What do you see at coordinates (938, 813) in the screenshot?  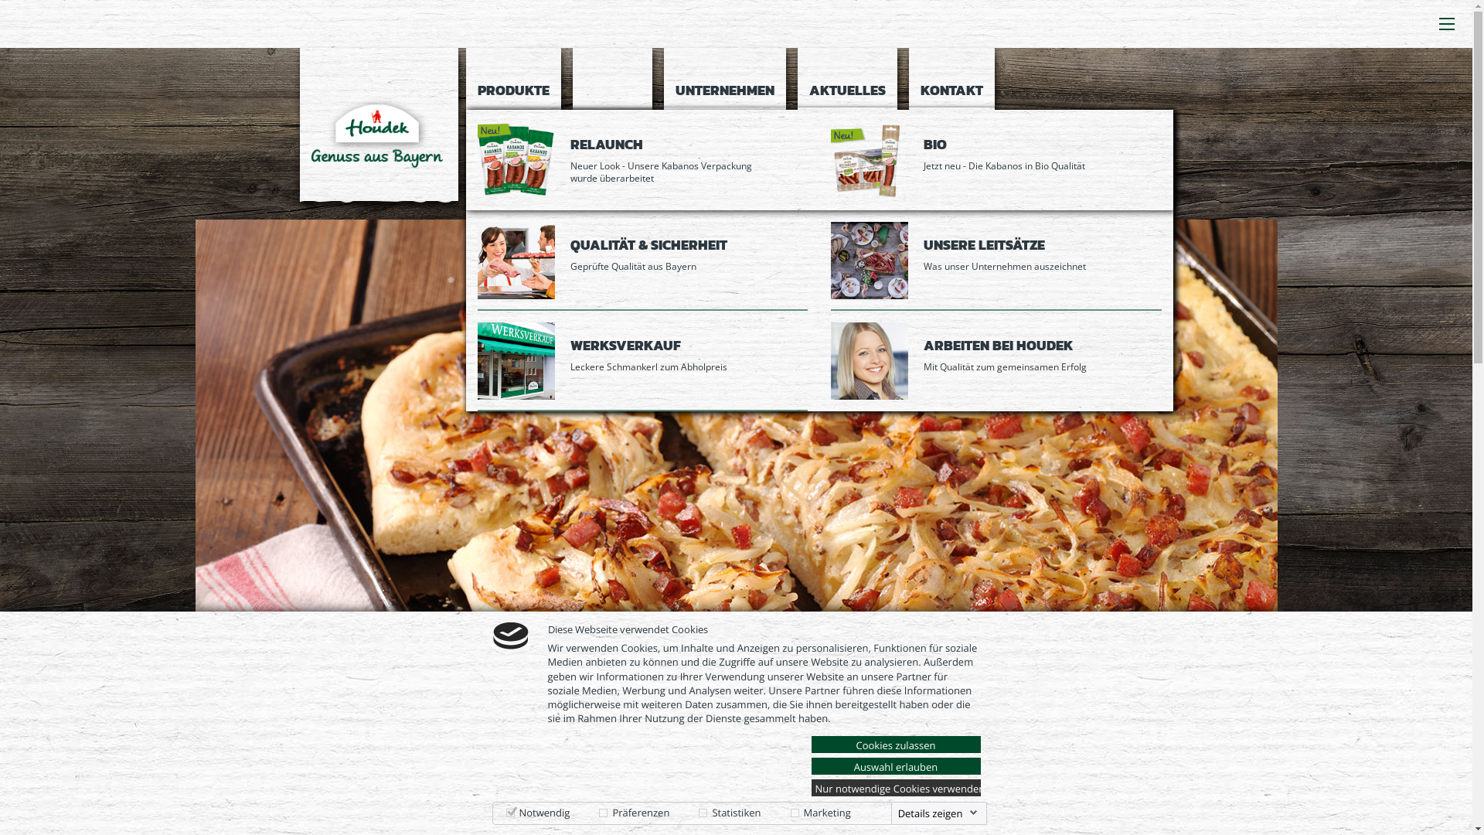 I see `'Details zeigen'` at bounding box center [938, 813].